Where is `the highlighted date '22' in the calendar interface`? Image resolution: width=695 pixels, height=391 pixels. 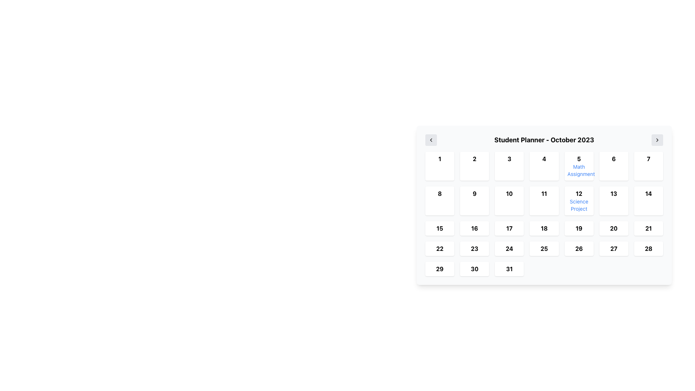 the highlighted date '22' in the calendar interface is located at coordinates (439, 248).